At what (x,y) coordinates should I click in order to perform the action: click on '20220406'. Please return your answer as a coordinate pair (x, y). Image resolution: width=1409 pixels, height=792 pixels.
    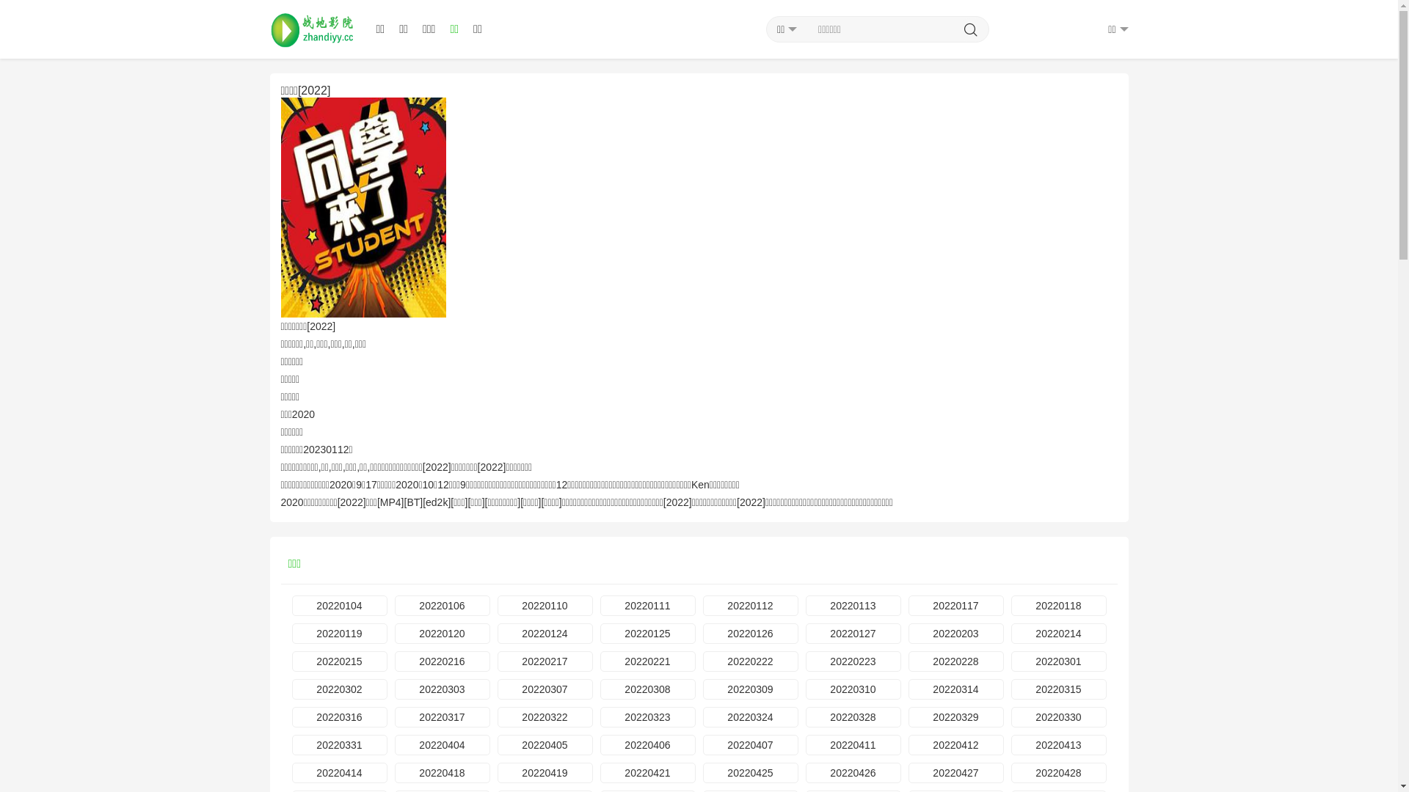
    Looking at the image, I should click on (647, 744).